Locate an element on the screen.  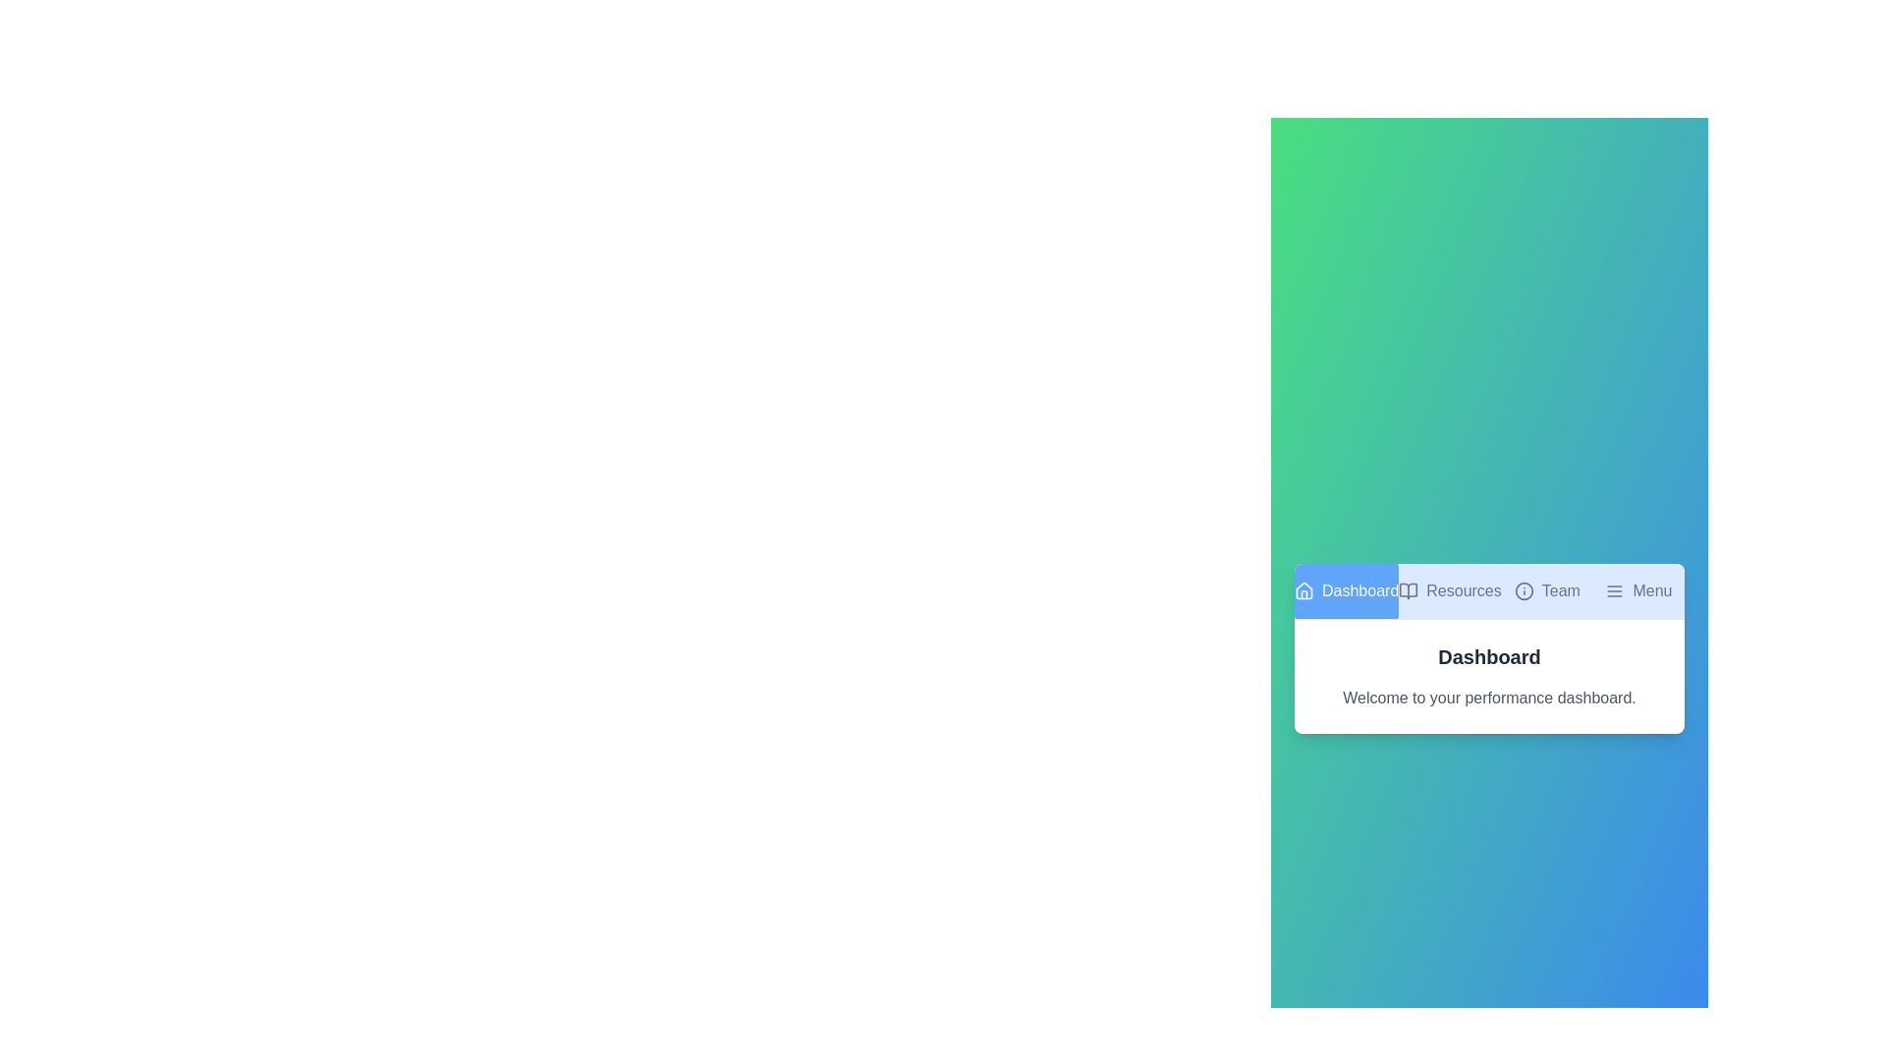
the tab Resources by clicking on its corresponding button is located at coordinates (1450, 589).